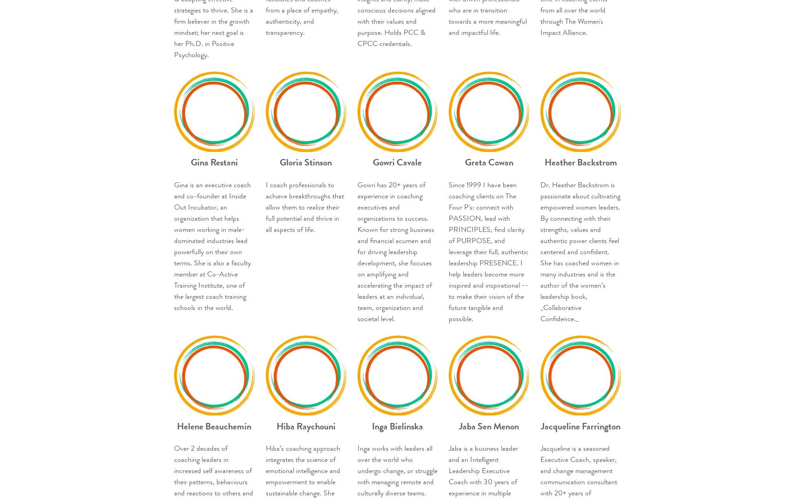 Image resolution: width=795 pixels, height=501 pixels. Describe the element at coordinates (580, 426) in the screenshot. I see `'Jacqueline Farrington'` at that location.